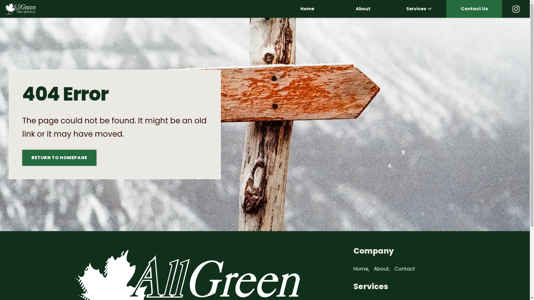  I want to click on 'Contact', so click(404, 268).